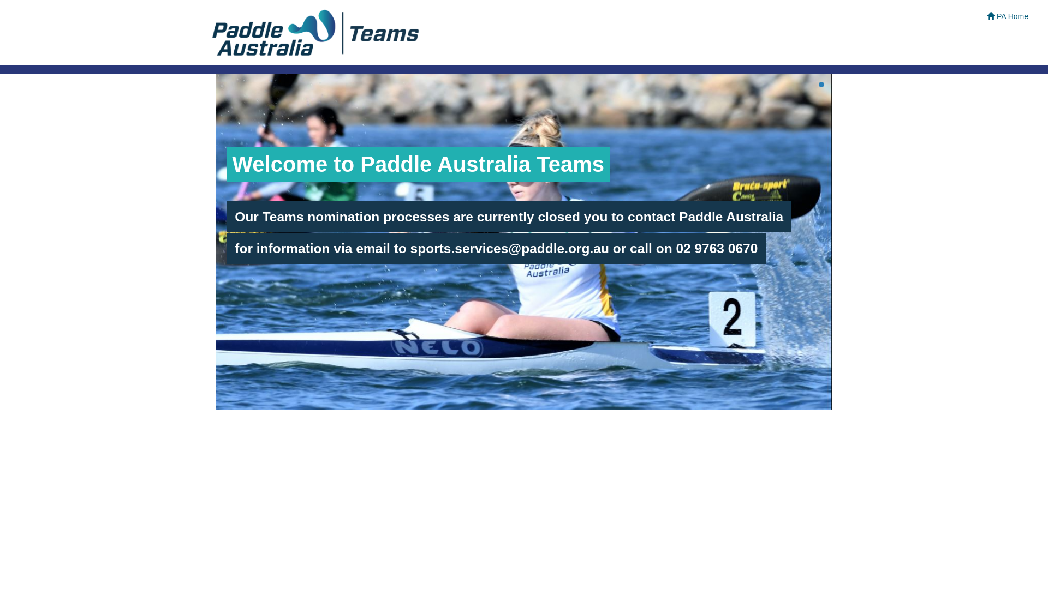  Describe the element at coordinates (1007, 16) in the screenshot. I see `'PA Home'` at that location.